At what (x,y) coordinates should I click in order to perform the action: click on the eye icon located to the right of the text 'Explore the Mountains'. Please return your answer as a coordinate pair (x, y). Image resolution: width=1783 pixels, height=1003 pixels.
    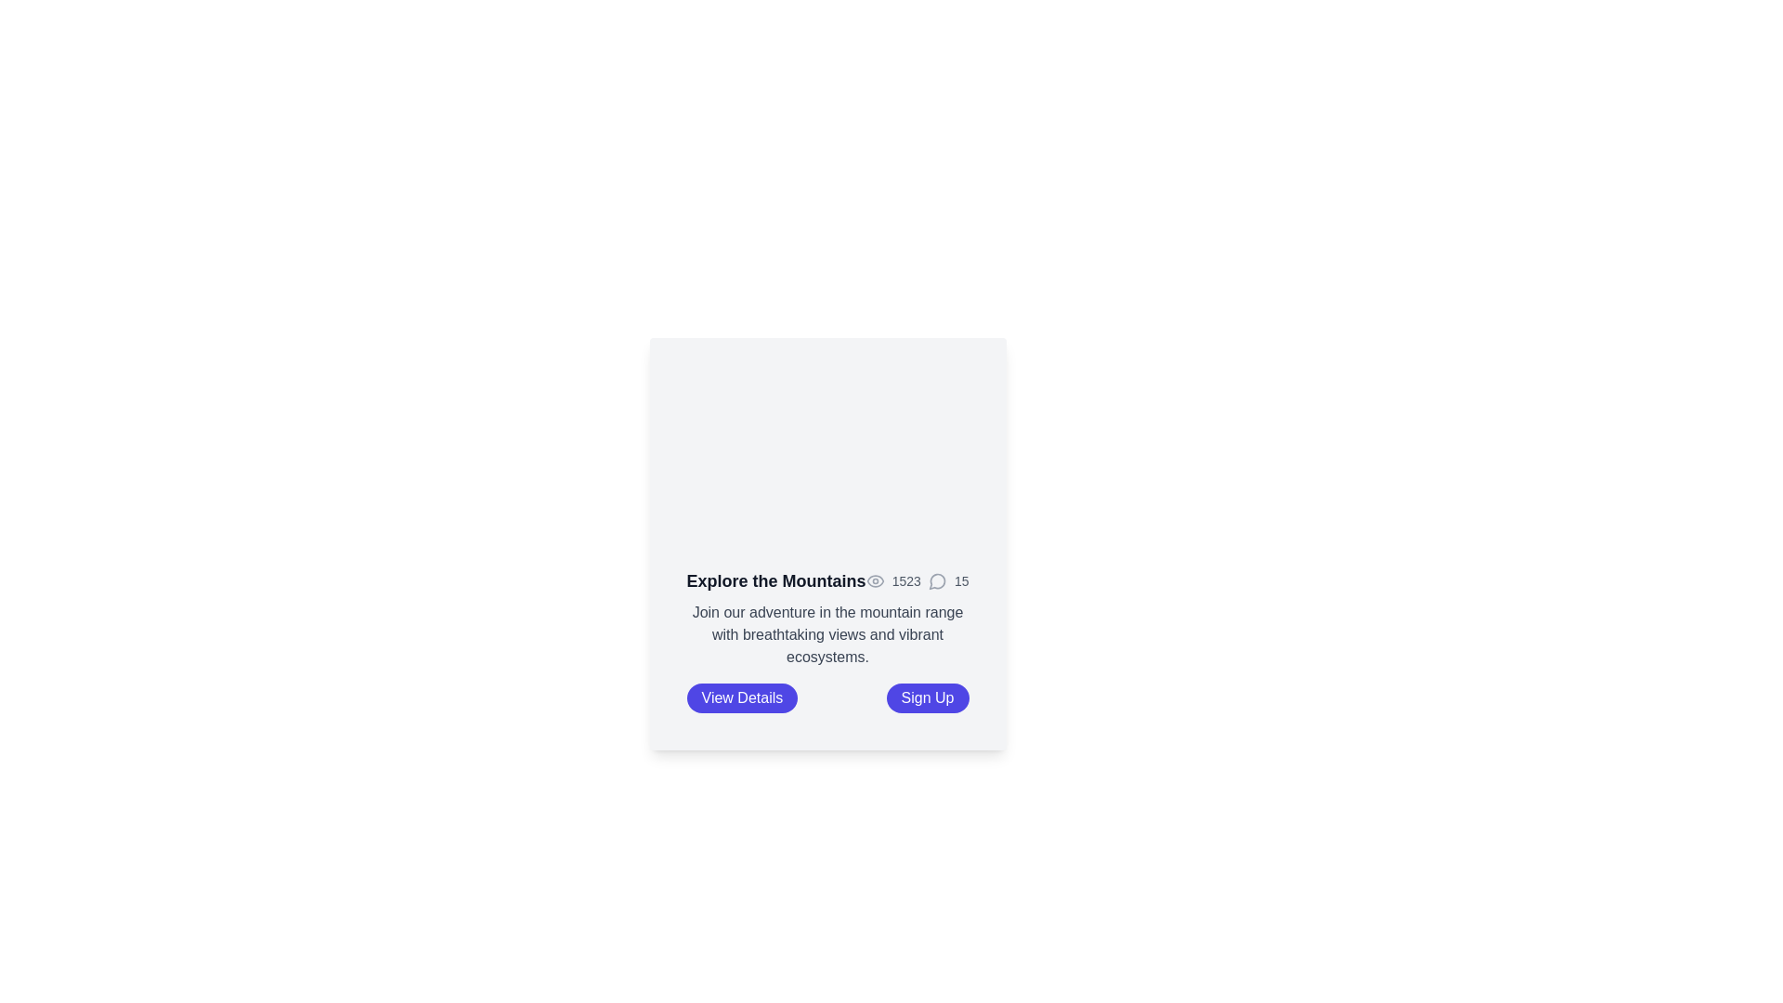
    Looking at the image, I should click on (874, 580).